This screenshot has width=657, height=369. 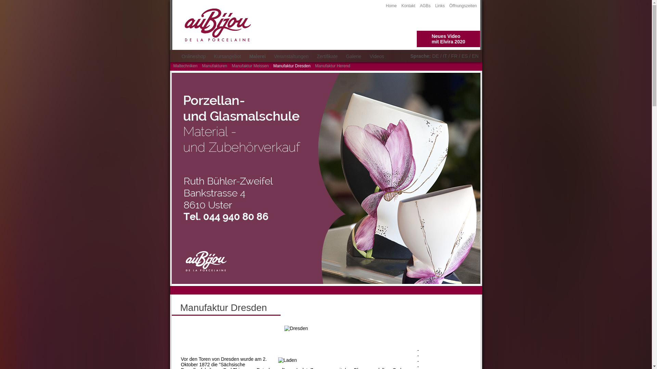 What do you see at coordinates (315, 66) in the screenshot?
I see `'Manufaktur Herend'` at bounding box center [315, 66].